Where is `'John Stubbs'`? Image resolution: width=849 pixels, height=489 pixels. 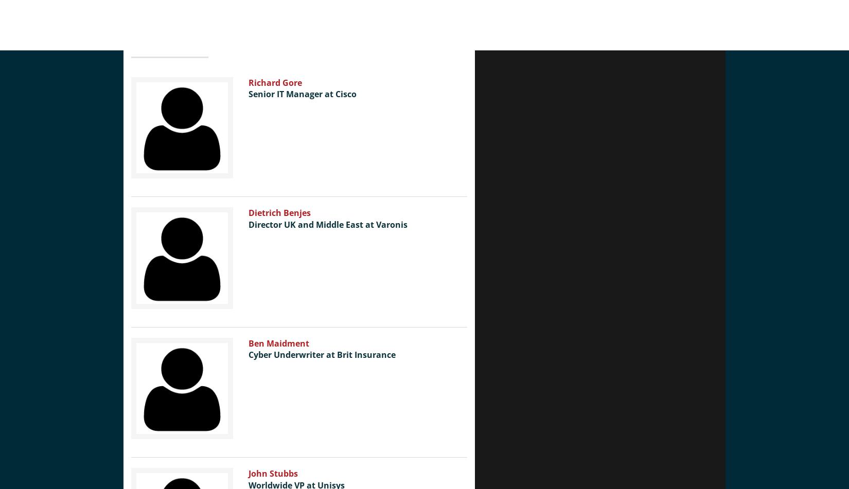 'John Stubbs' is located at coordinates (272, 473).